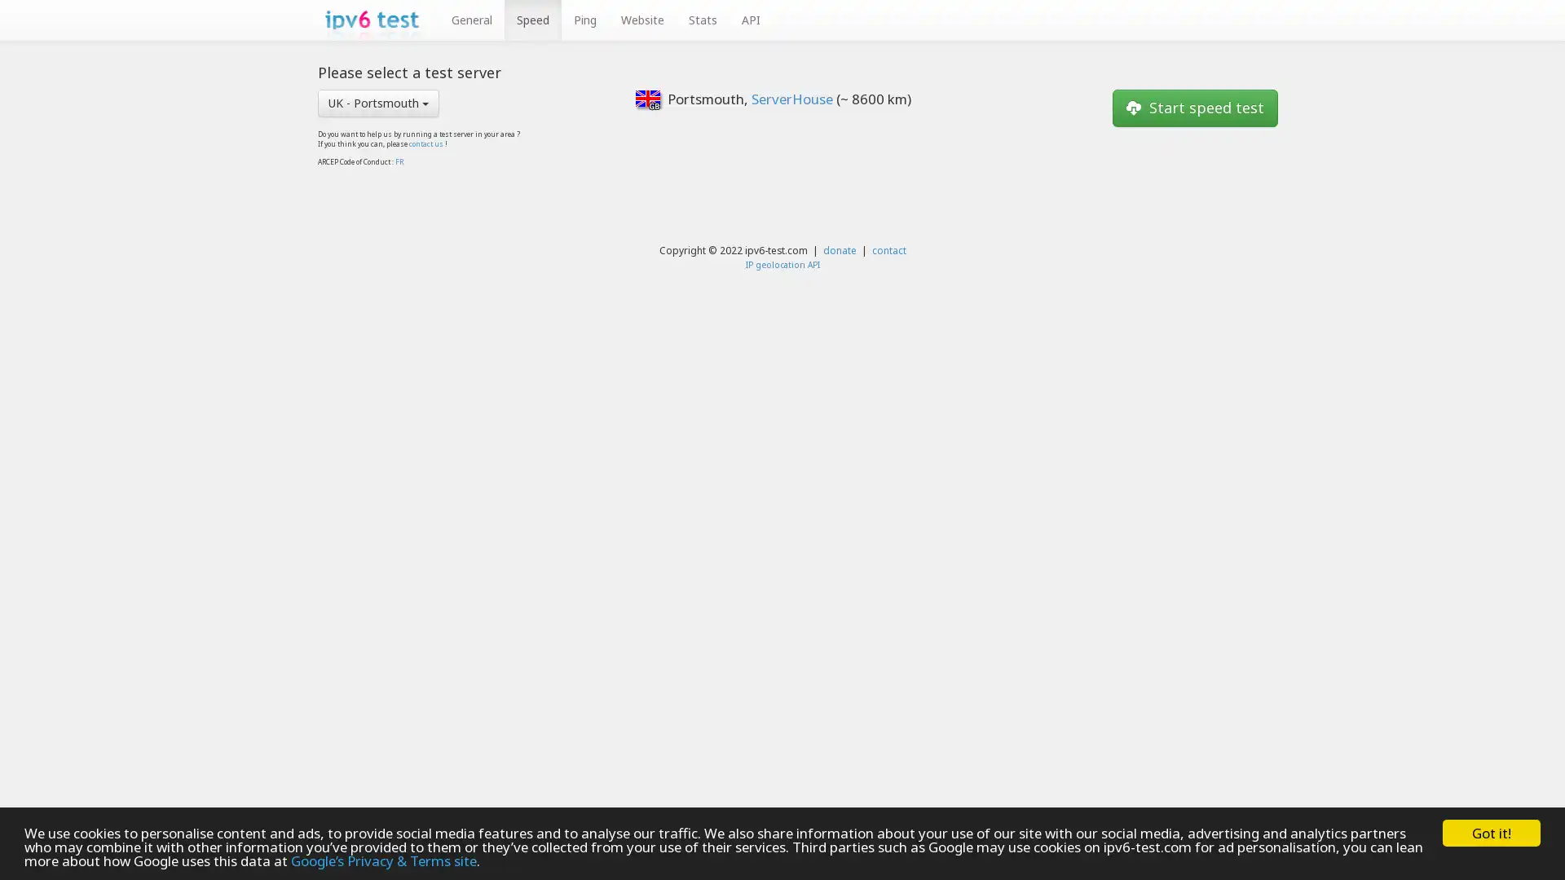  I want to click on UK - Portsmouth, so click(377, 103).